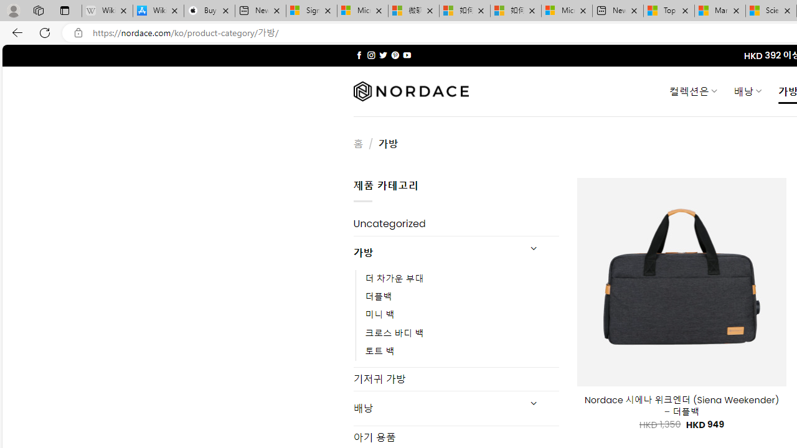  What do you see at coordinates (107, 11) in the screenshot?
I see `'Wikipedia - Sleeping'` at bounding box center [107, 11].